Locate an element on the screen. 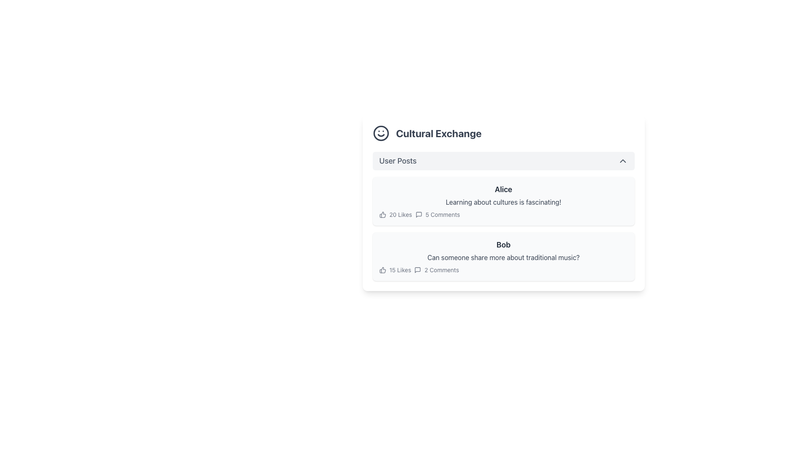  the toggle button located centrally beneath the 'Cultural Exchange' section title is located at coordinates (503, 161).